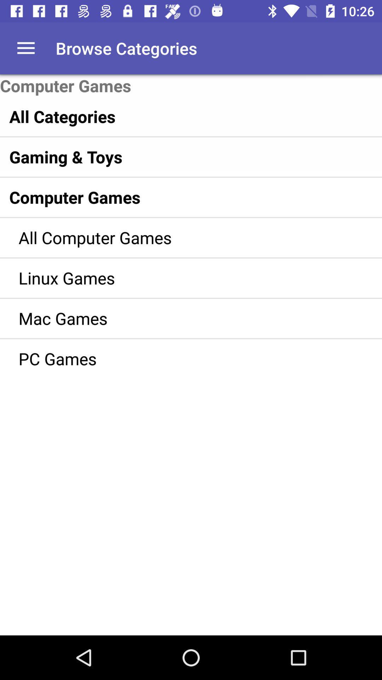 The width and height of the screenshot is (382, 680). What do you see at coordinates (180, 358) in the screenshot?
I see `pc games item` at bounding box center [180, 358].